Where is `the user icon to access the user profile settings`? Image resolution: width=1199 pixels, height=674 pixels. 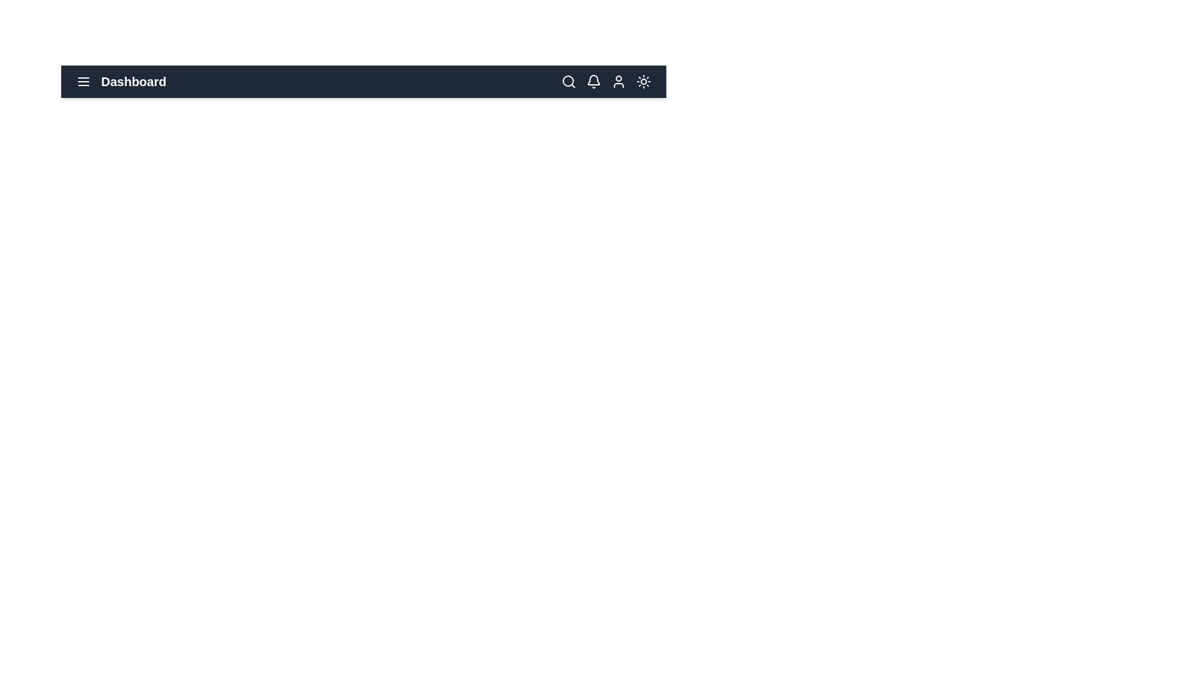
the user icon to access the user profile settings is located at coordinates (618, 82).